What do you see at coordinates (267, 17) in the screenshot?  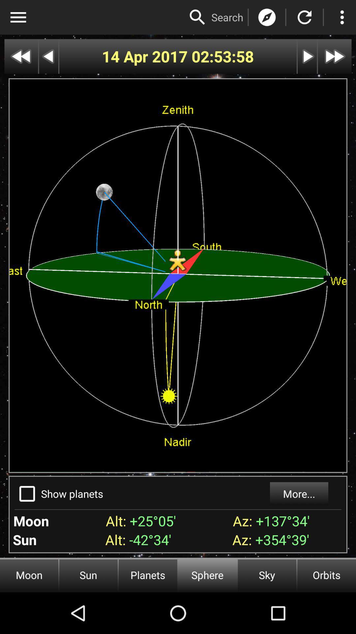 I see `the explore icon` at bounding box center [267, 17].